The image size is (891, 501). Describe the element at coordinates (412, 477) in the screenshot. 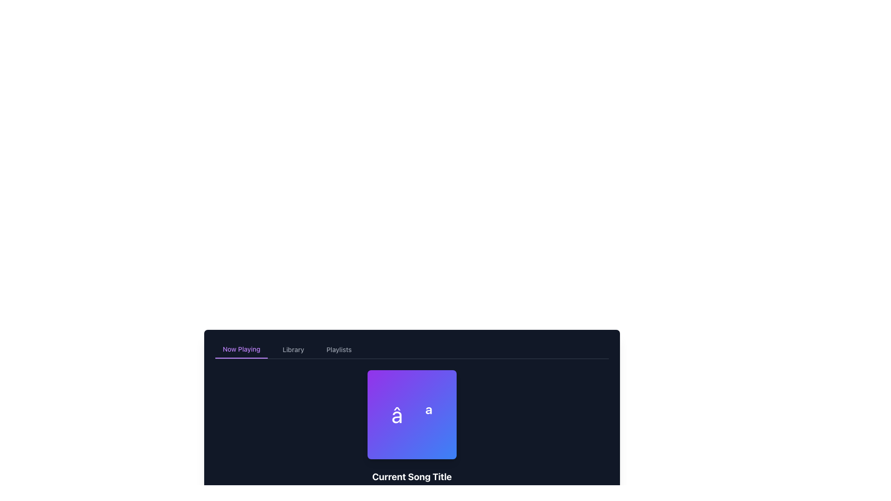

I see `the static text element displaying the title of the currently playing song, which is centered horizontally at the bottom of the music panel` at that location.